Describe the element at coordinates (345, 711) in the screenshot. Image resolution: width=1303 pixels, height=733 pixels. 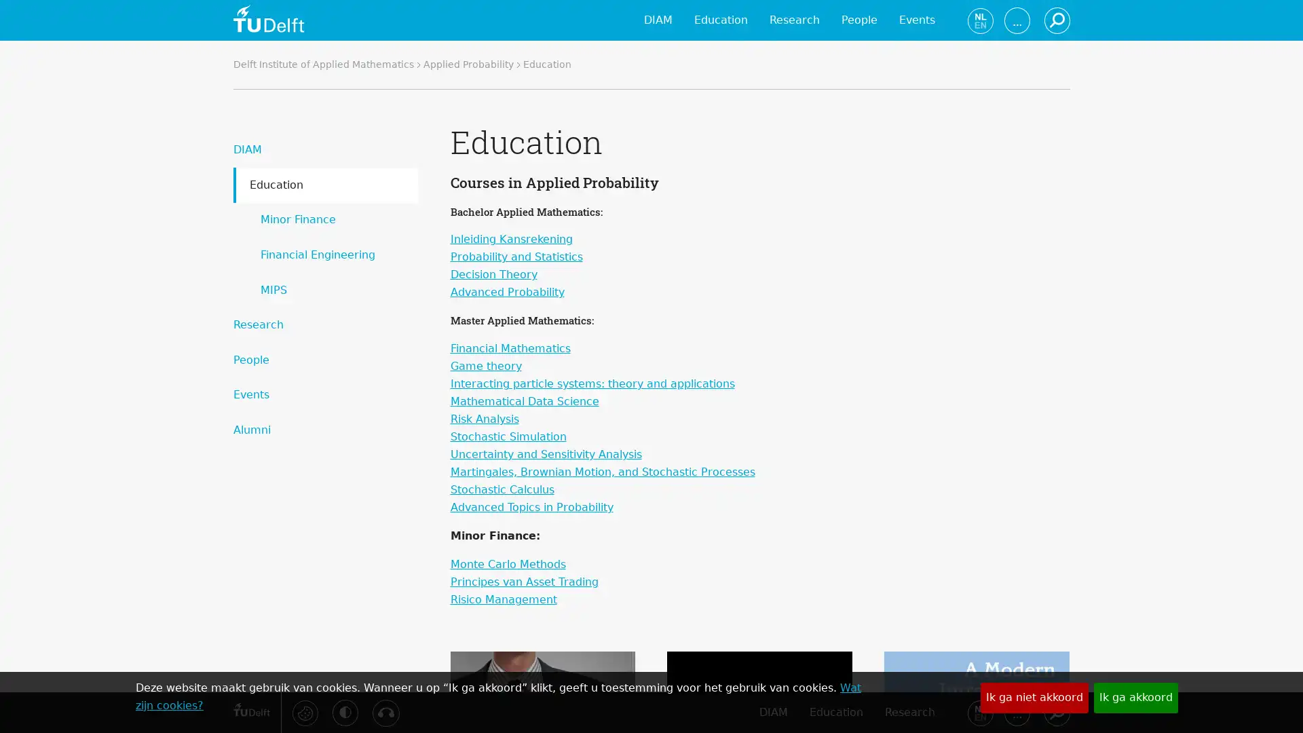
I see `Activeer hoog contrast` at that location.